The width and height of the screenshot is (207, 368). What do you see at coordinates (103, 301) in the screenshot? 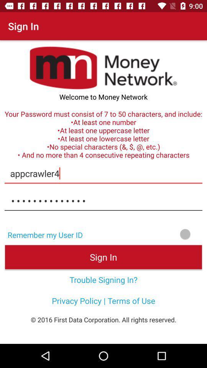
I see `icon below trouble signing in? icon` at bounding box center [103, 301].